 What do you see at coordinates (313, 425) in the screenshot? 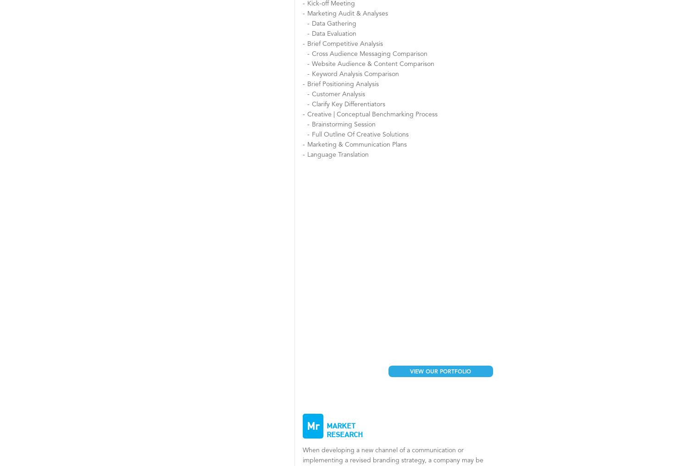
I see `'mr'` at bounding box center [313, 425].